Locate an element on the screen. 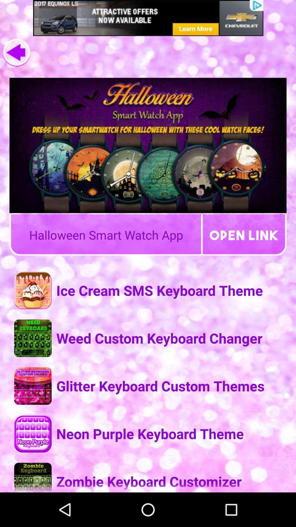 The height and width of the screenshot is (527, 296). advert is located at coordinates (148, 18).